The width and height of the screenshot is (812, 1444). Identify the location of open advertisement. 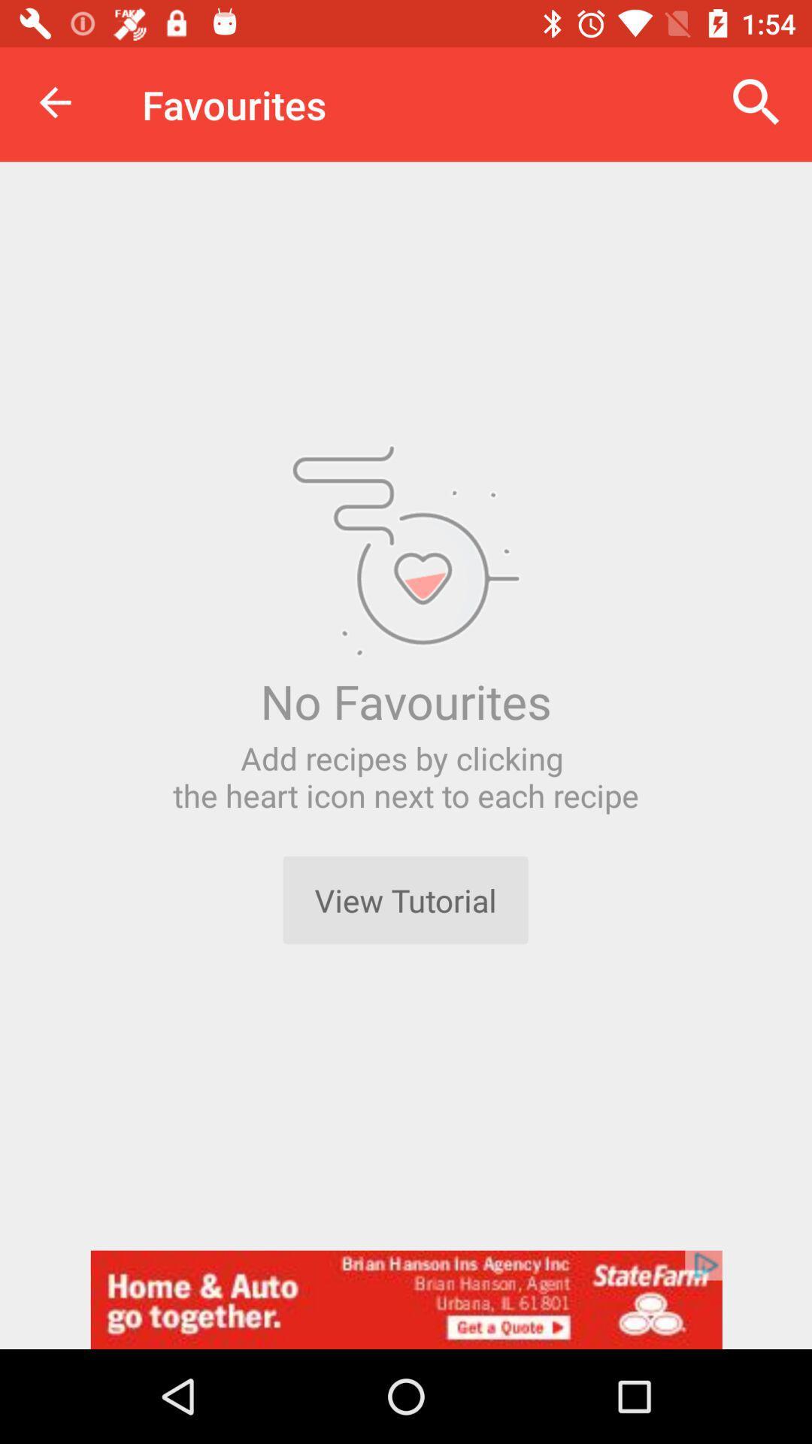
(406, 1299).